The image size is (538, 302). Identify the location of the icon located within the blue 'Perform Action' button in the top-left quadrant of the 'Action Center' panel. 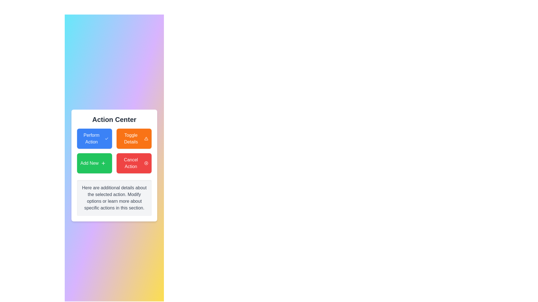
(107, 138).